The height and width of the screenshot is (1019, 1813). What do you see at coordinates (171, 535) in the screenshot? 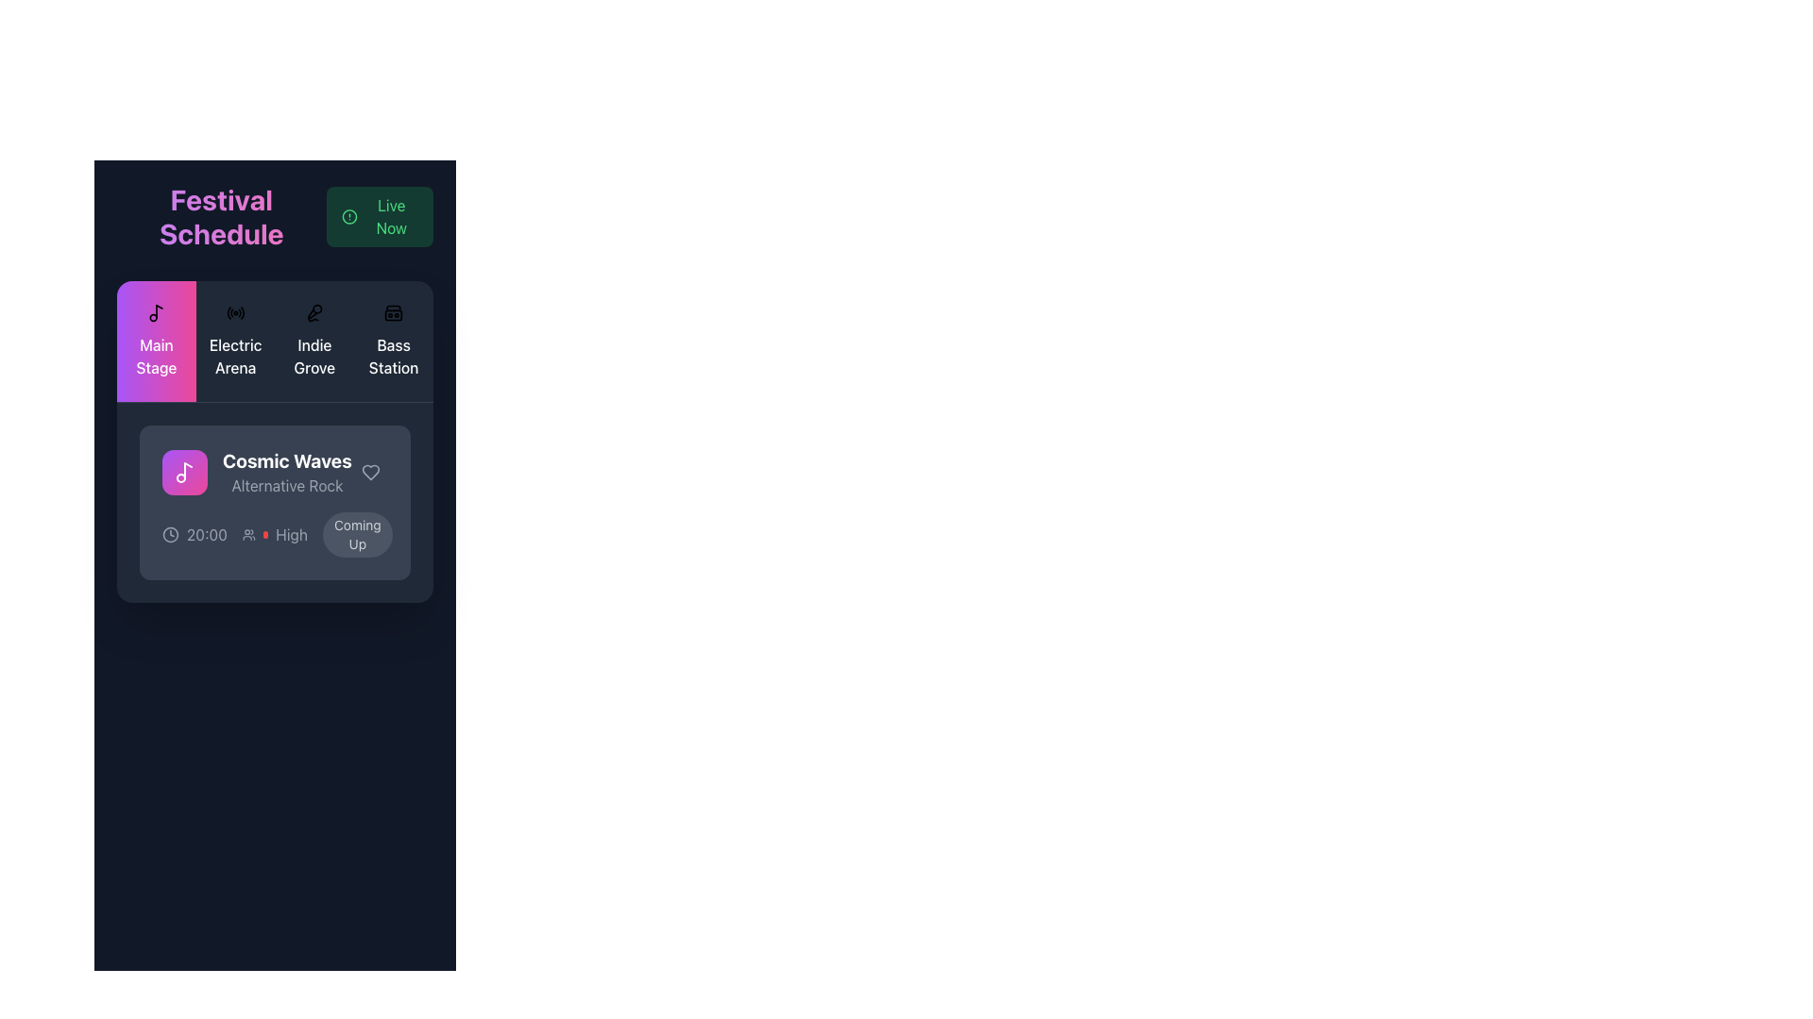
I see `the minimalist gray clock icon` at bounding box center [171, 535].